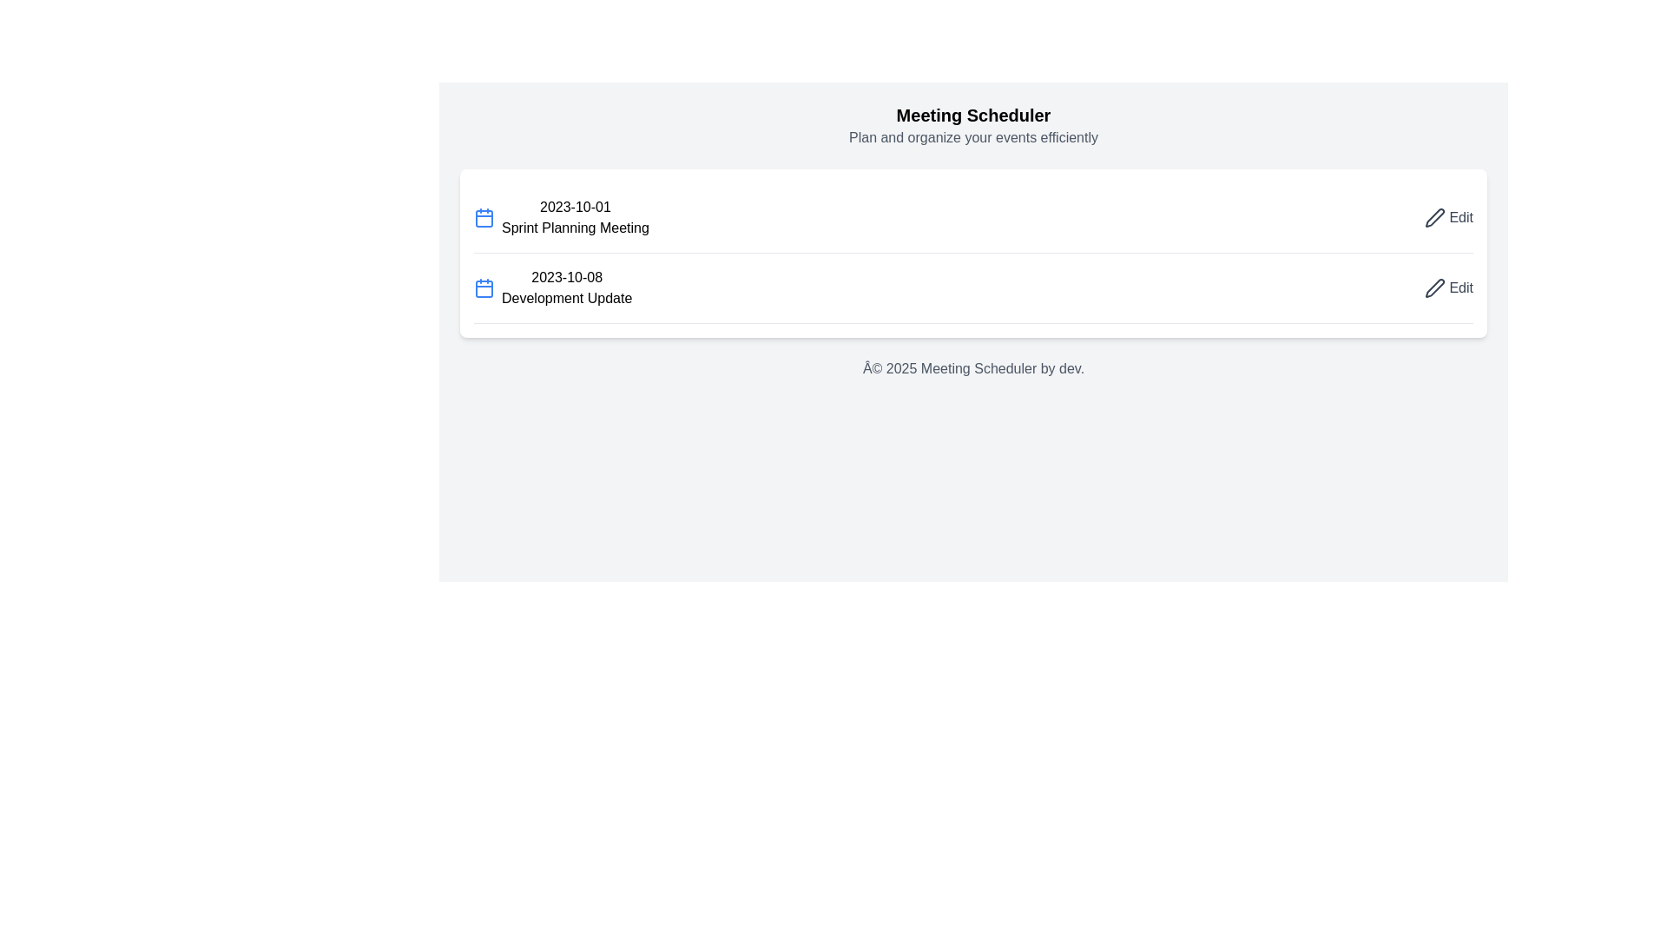 The height and width of the screenshot is (938, 1667). Describe the element at coordinates (567, 287) in the screenshot. I see `the static text element displaying the date '2023-10-08' and title 'Development Update' in the meeting scheduler interface, located in the second row of the meeting list` at that location.